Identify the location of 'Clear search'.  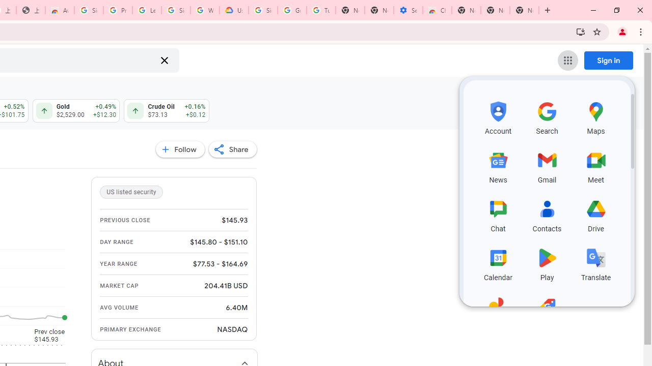
(164, 60).